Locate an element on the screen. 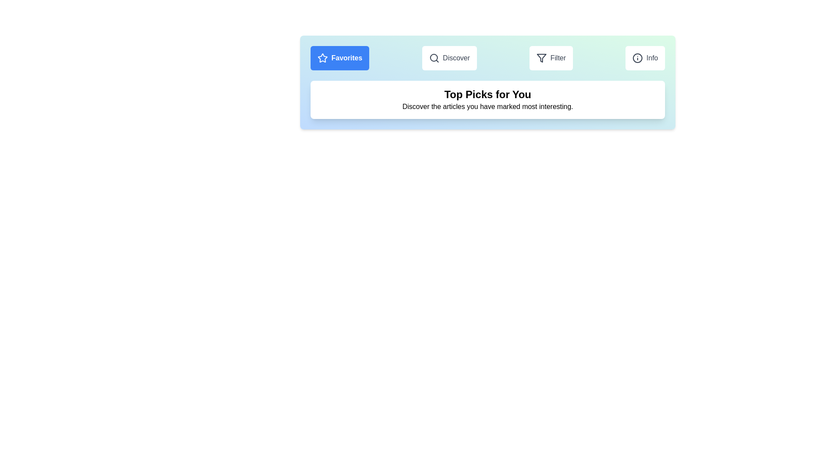  the Info tab to view its content is located at coordinates (645, 58).